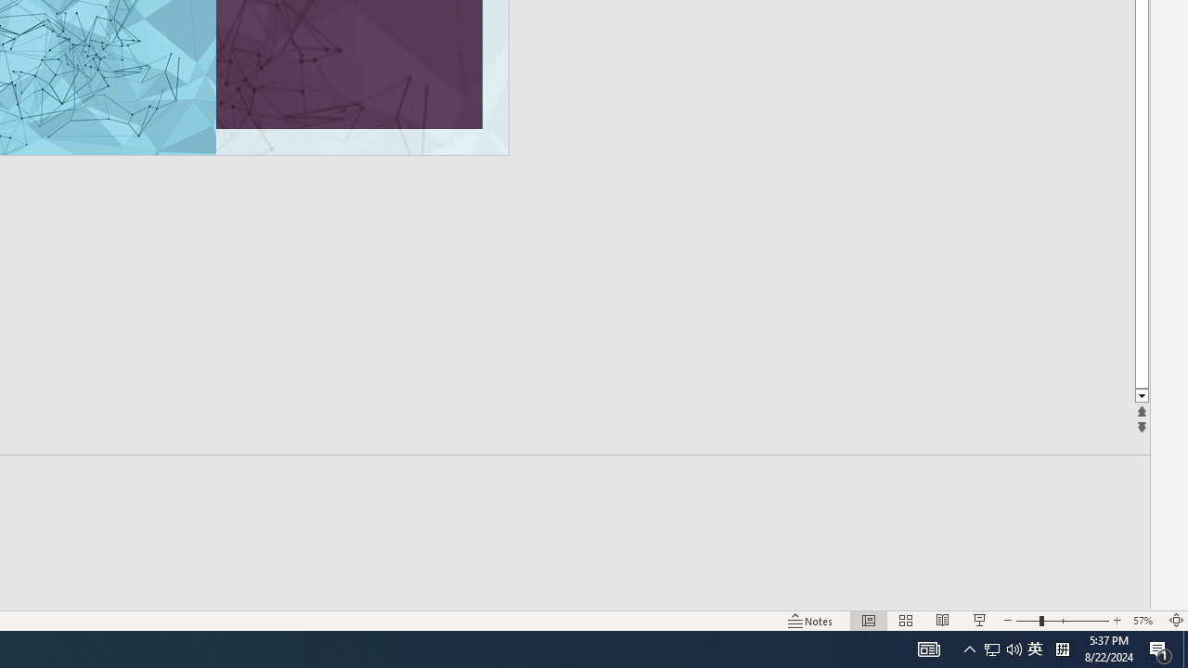 The image size is (1188, 668). I want to click on 'Line down', so click(1141, 395).